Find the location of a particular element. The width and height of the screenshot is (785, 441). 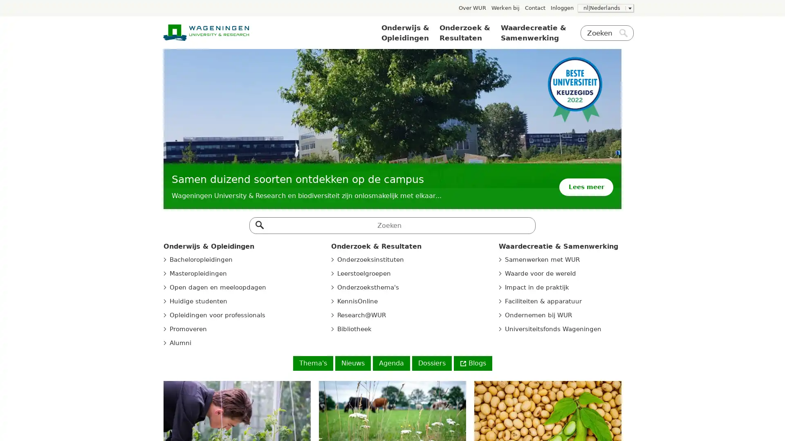

Zoeken is located at coordinates (258, 223).